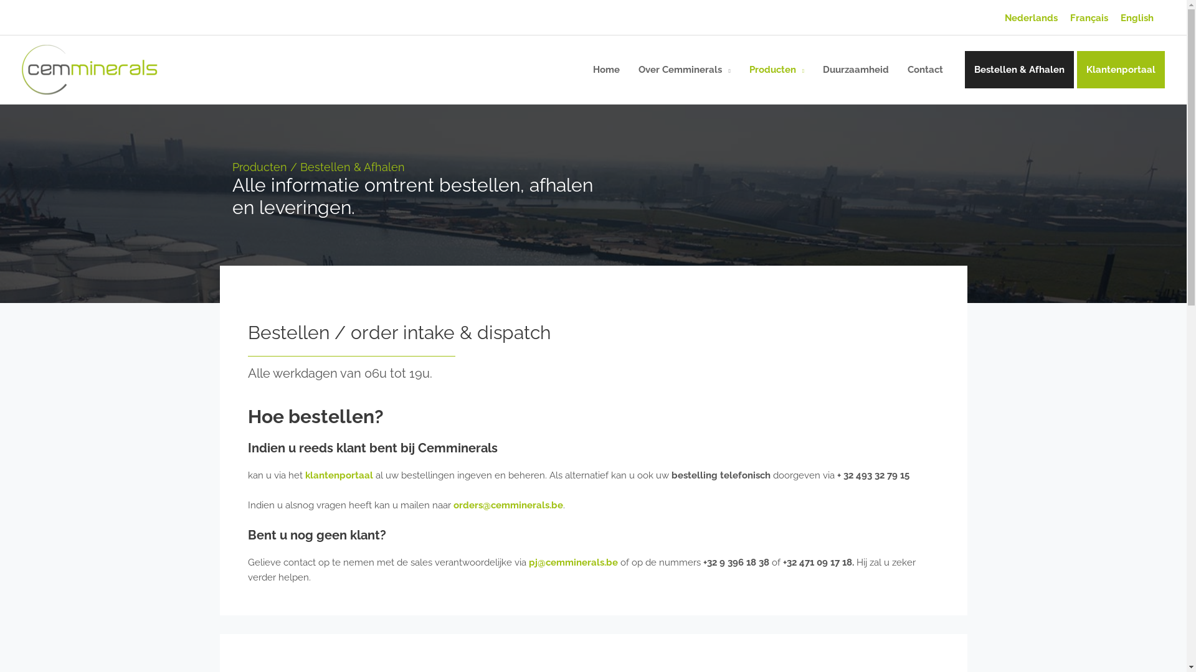 The width and height of the screenshot is (1196, 672). Describe the element at coordinates (855, 69) in the screenshot. I see `'Duurzaamheid'` at that location.